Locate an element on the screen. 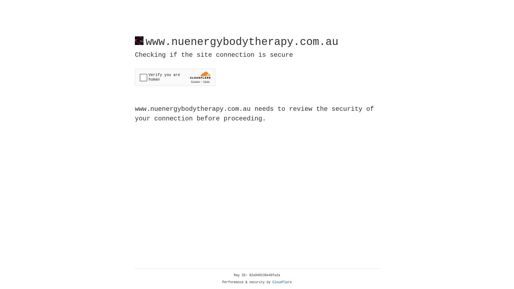 This screenshot has height=289, width=514. 'Widget containing a Cloudflare security challenge' is located at coordinates (175, 77).